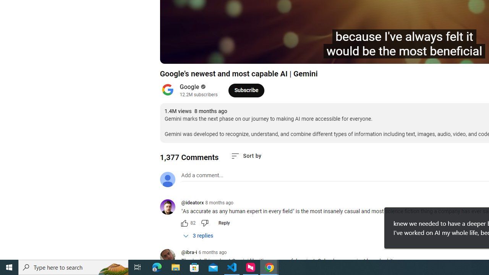  Describe the element at coordinates (223, 223) in the screenshot. I see `'Reply'` at that location.